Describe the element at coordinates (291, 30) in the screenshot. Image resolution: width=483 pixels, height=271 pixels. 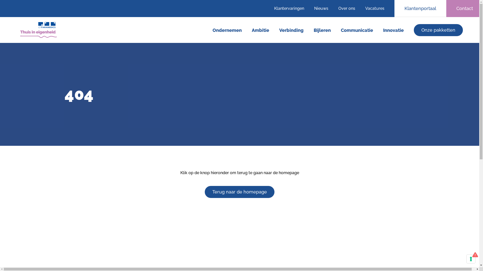
I see `'Verbinding'` at that location.